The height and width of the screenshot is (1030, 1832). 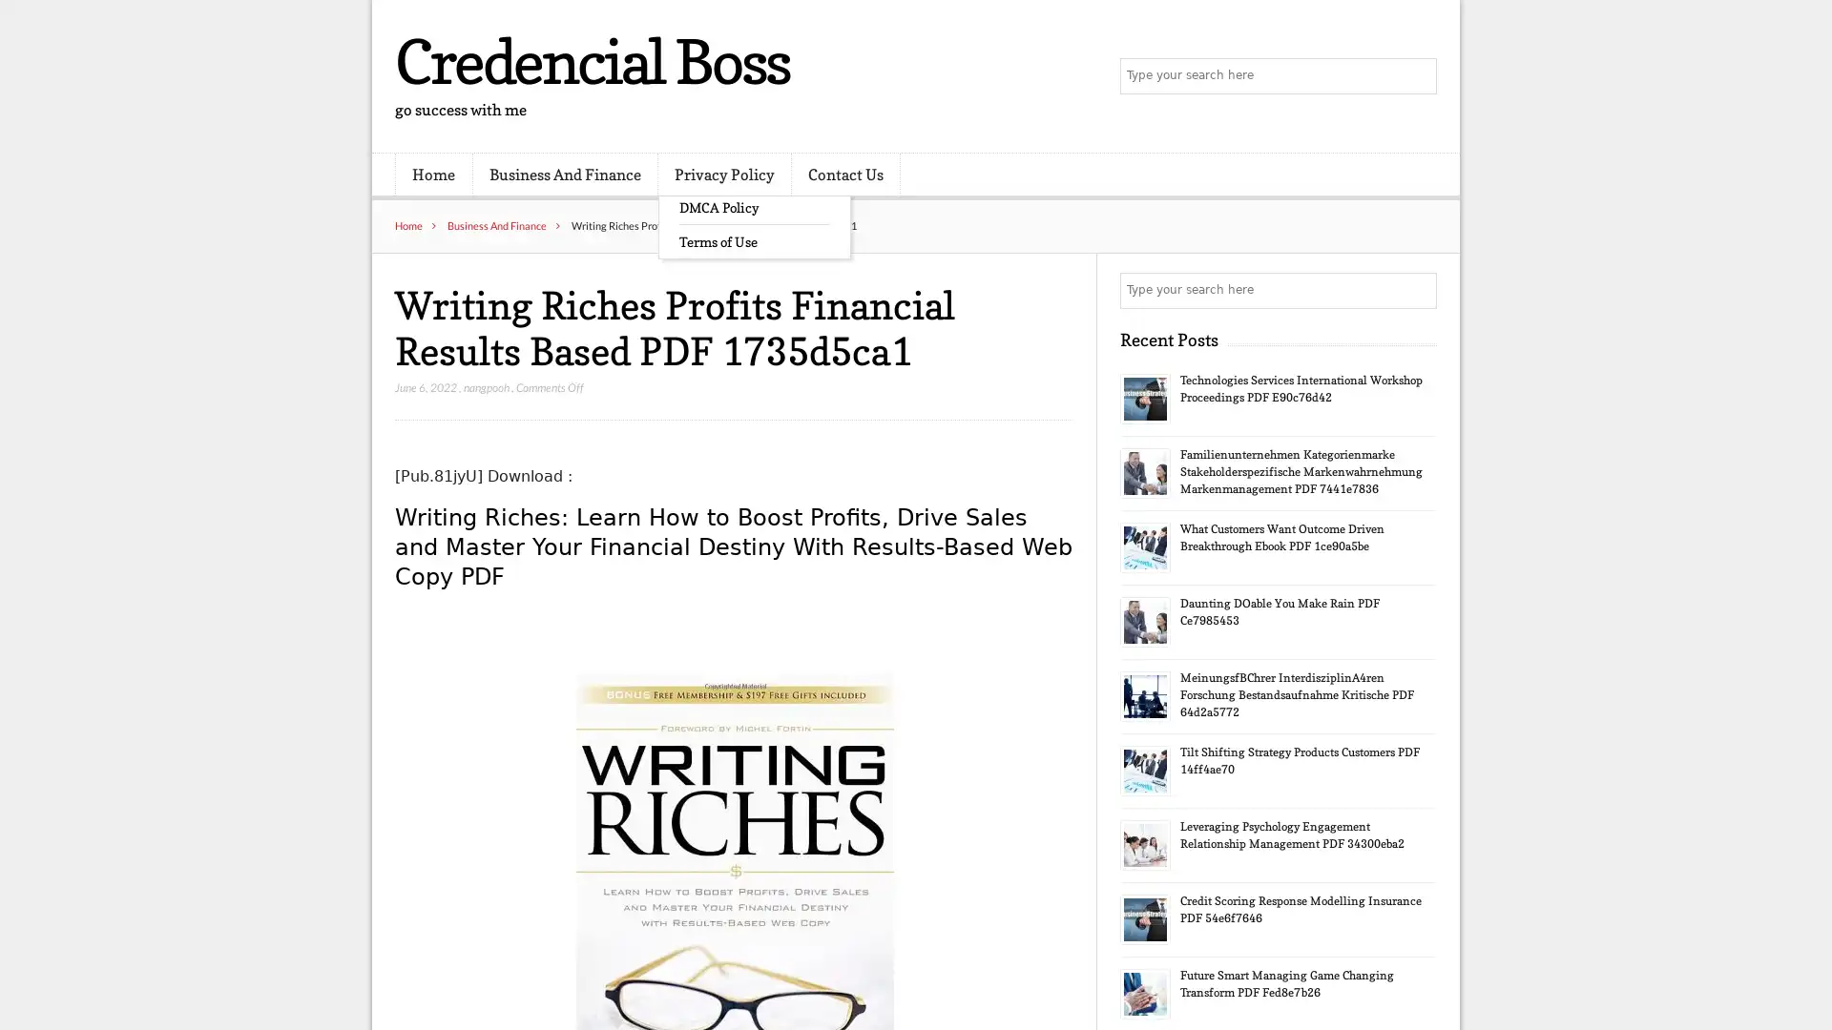 What do you see at coordinates (1417, 290) in the screenshot?
I see `Search` at bounding box center [1417, 290].